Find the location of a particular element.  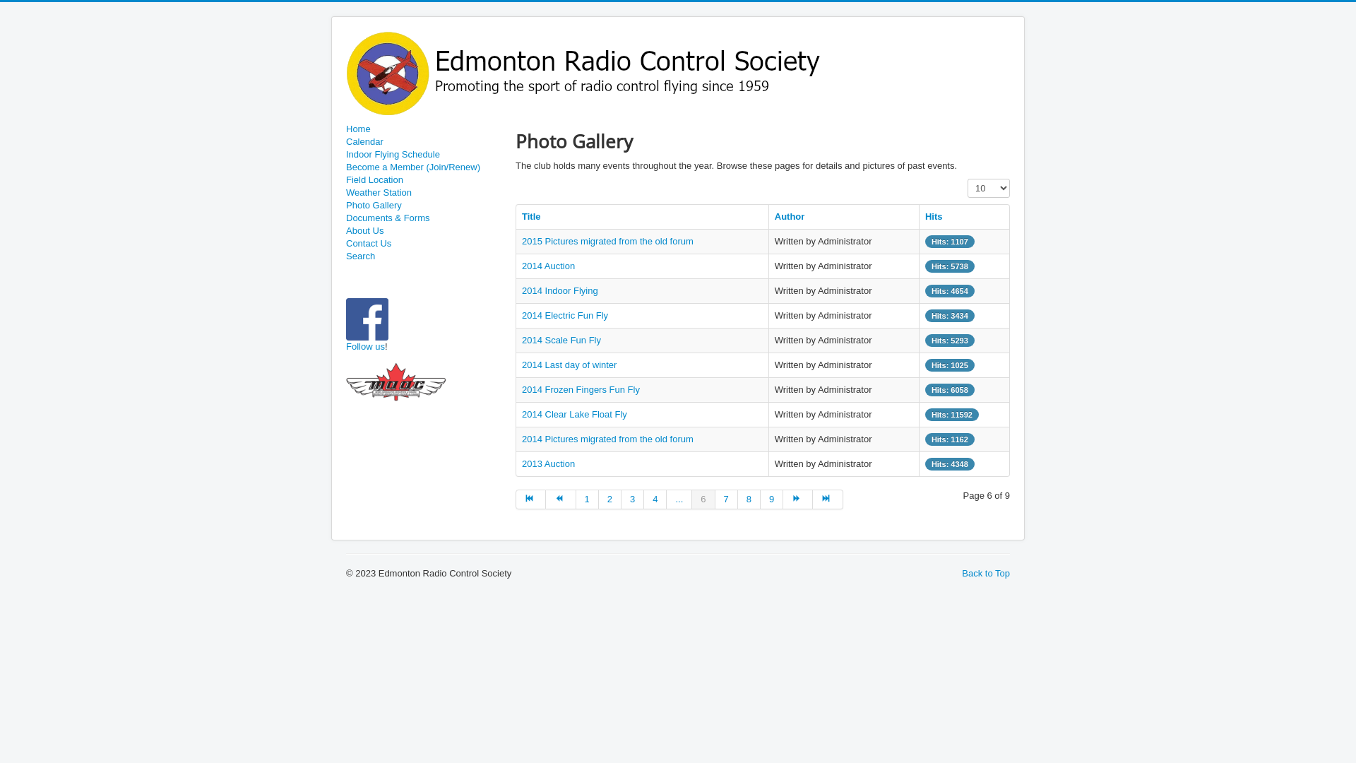

'Indoor Flying Schedule' is located at coordinates (423, 155).